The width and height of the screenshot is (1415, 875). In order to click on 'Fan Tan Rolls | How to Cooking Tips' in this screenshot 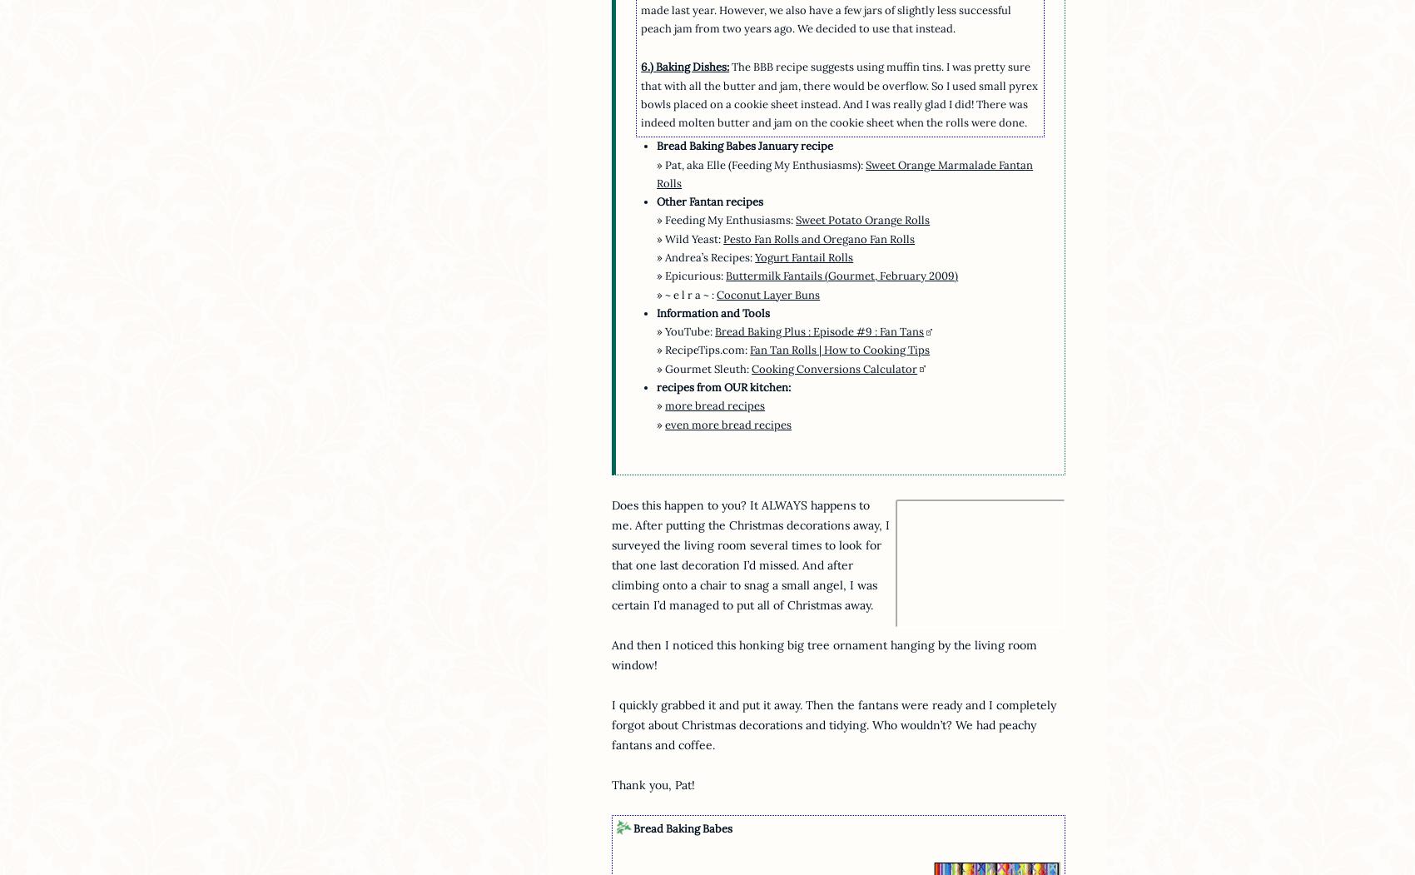, I will do `click(750, 350)`.